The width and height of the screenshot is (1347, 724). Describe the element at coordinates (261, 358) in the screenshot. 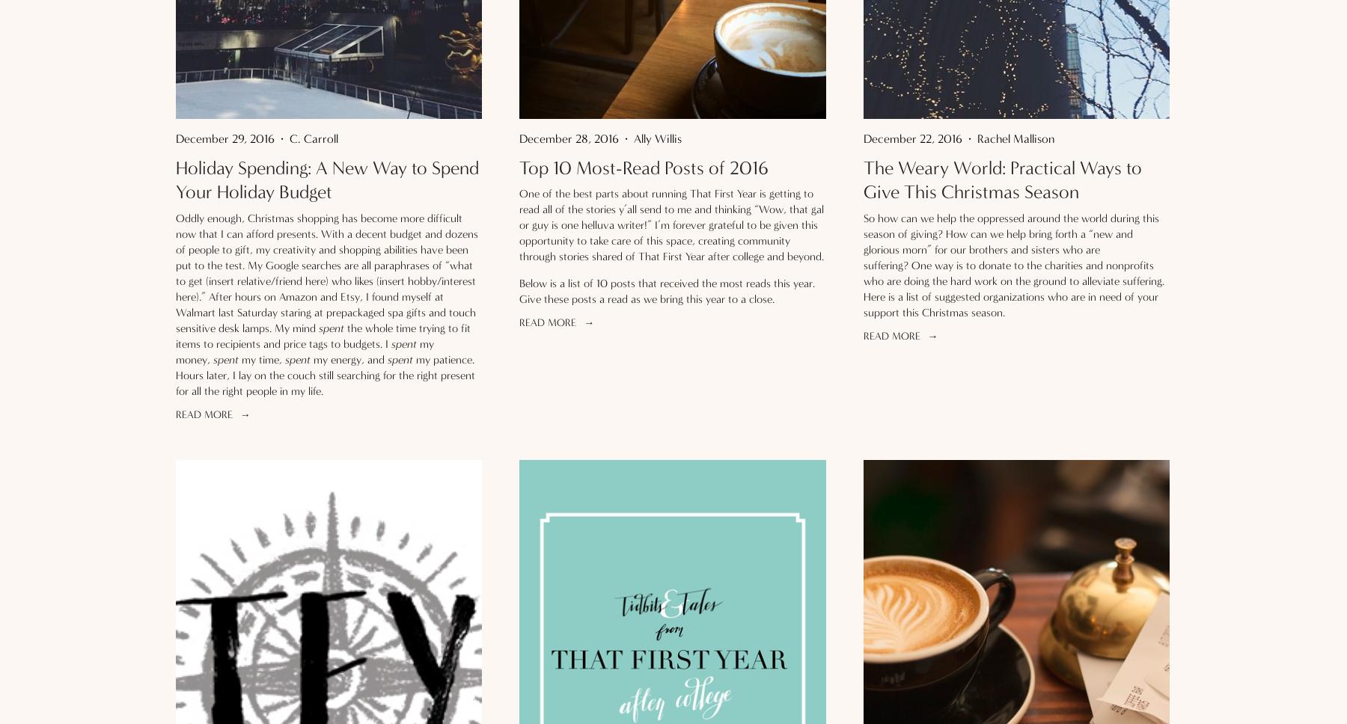

I see `'my time,'` at that location.